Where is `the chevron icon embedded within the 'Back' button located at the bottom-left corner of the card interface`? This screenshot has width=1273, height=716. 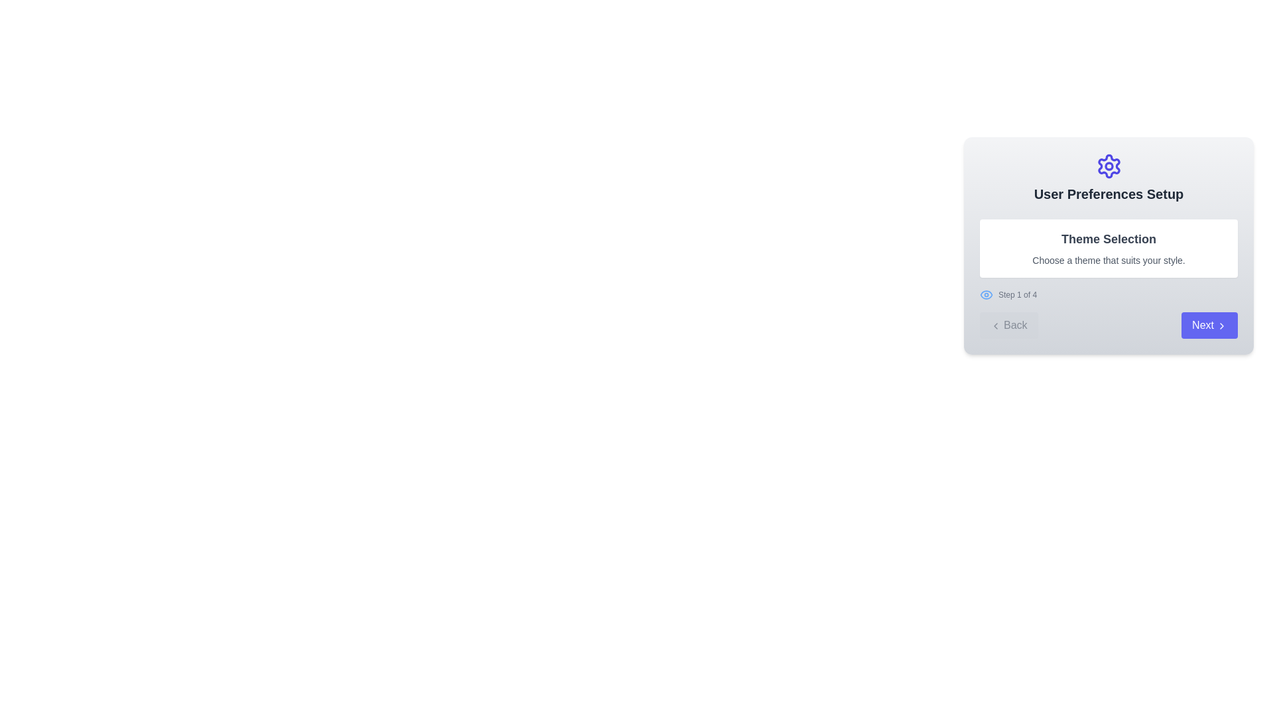 the chevron icon embedded within the 'Back' button located at the bottom-left corner of the card interface is located at coordinates (996, 325).